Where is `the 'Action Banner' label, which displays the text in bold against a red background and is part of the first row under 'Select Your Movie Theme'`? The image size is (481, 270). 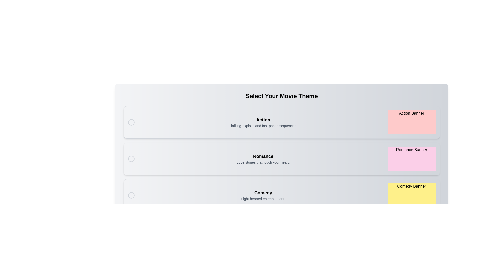
the 'Action Banner' label, which displays the text in bold against a red background and is part of the first row under 'Select Your Movie Theme' is located at coordinates (411, 122).